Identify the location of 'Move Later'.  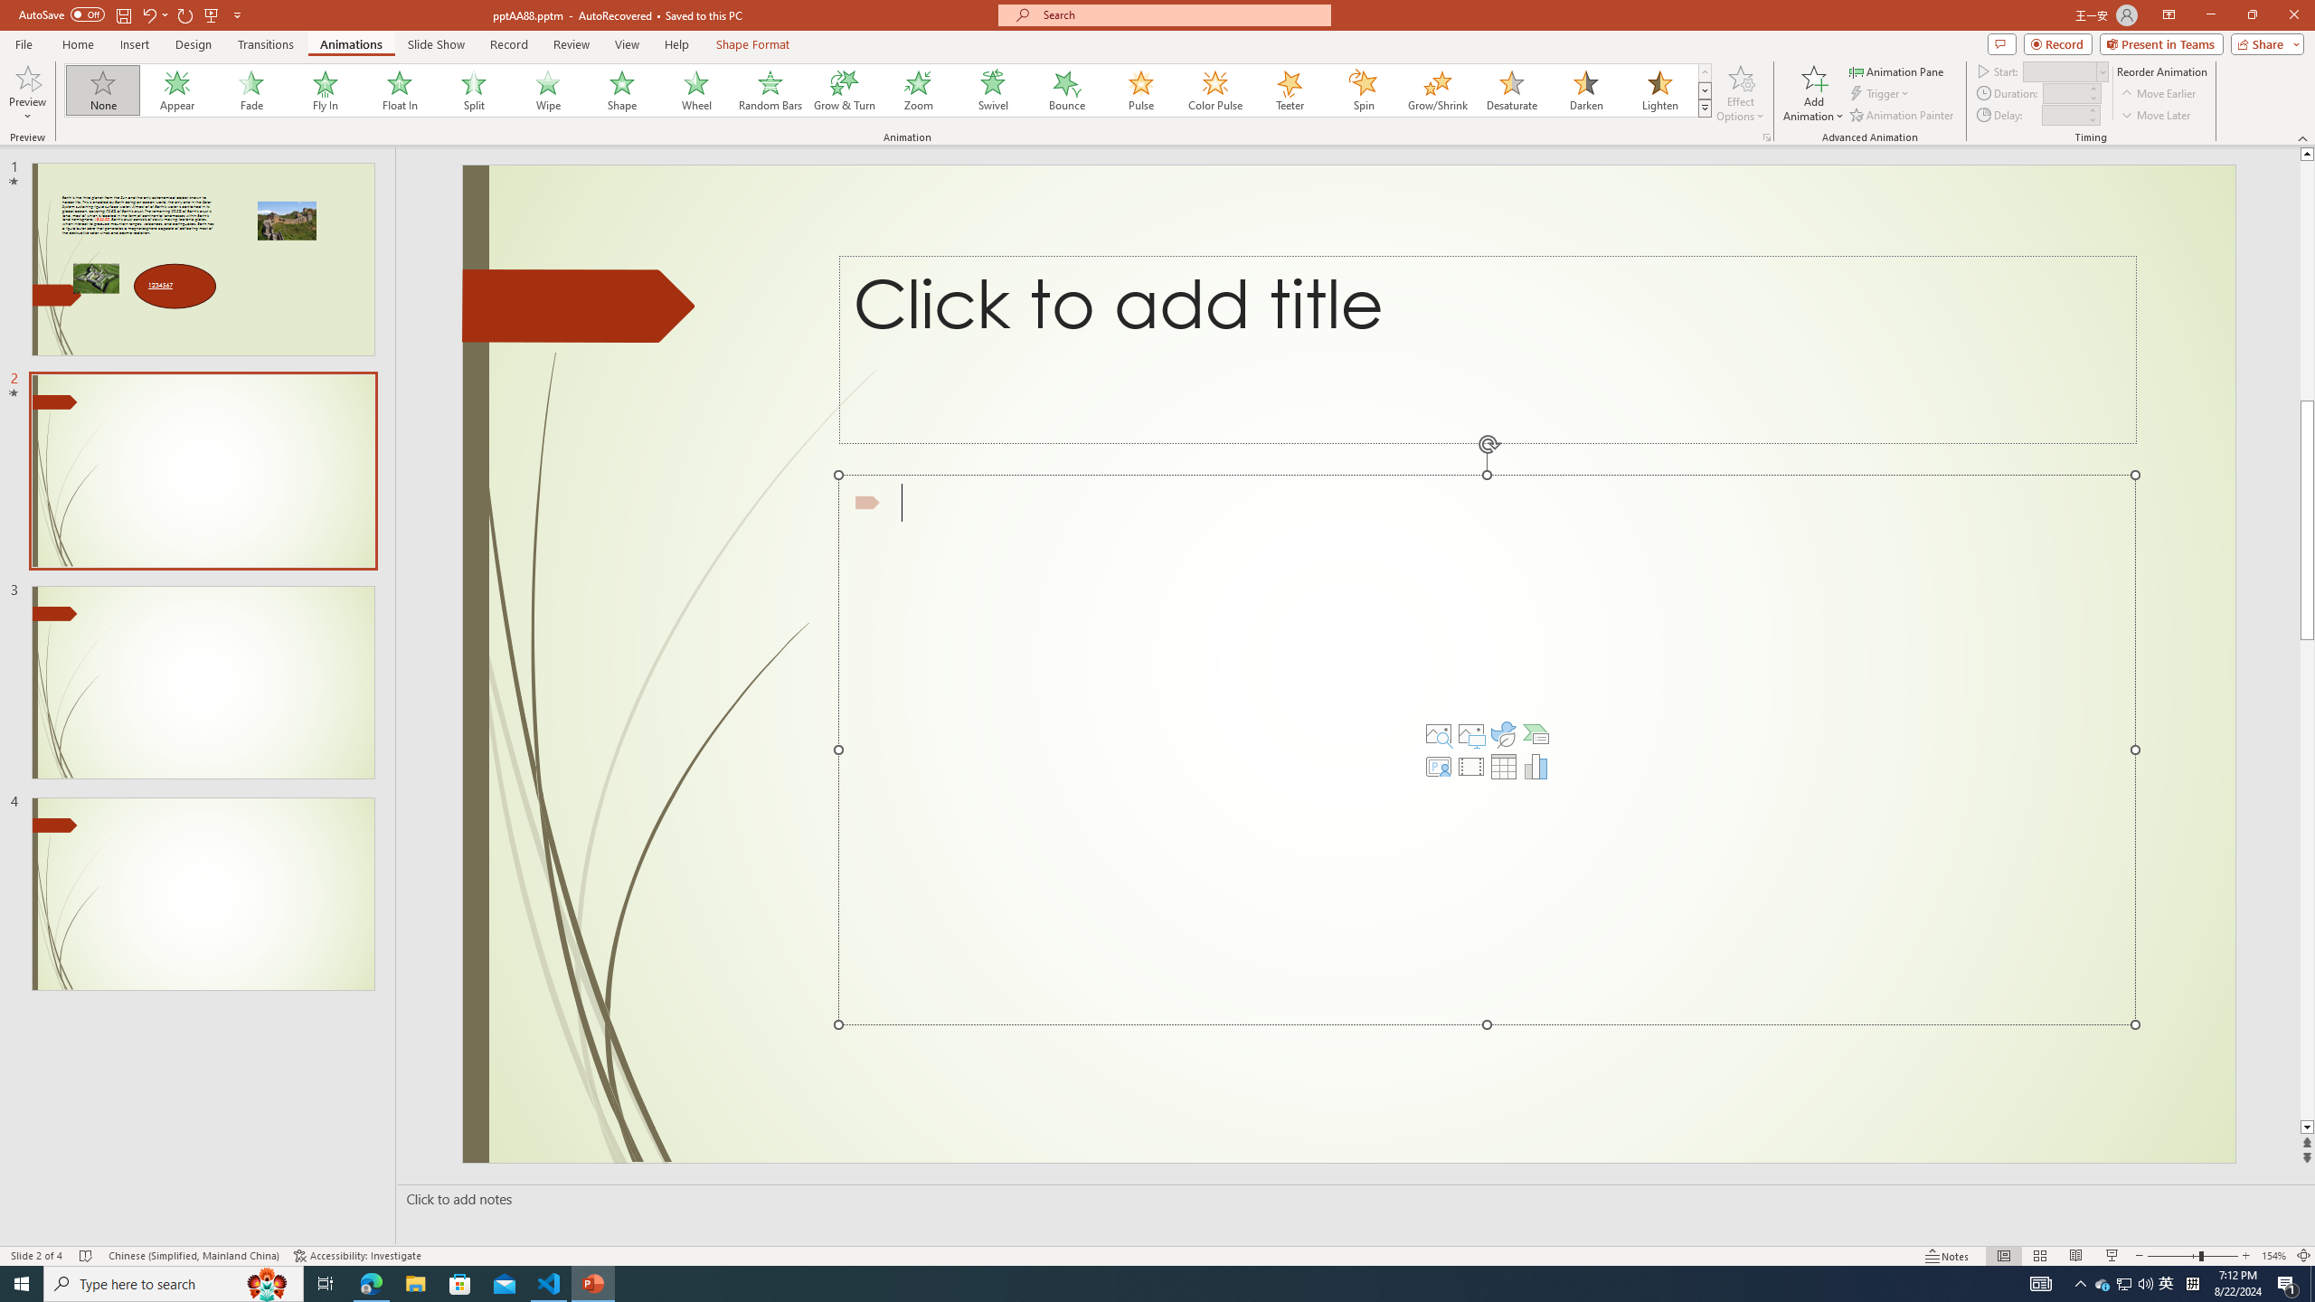
(2156, 115).